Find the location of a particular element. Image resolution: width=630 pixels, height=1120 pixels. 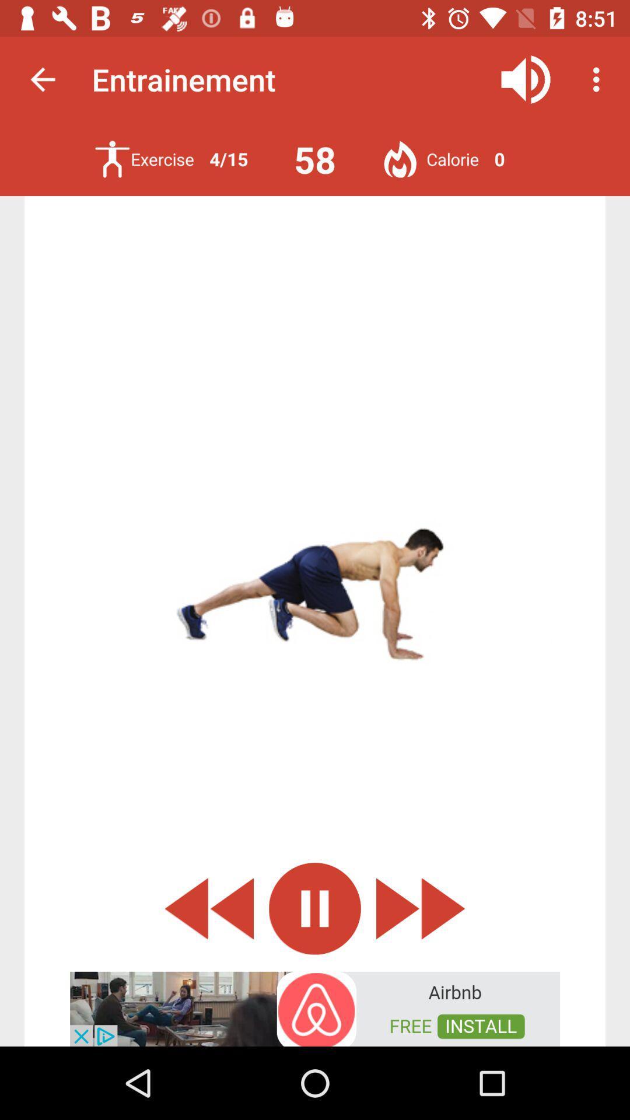

advertisement is located at coordinates (315, 1007).